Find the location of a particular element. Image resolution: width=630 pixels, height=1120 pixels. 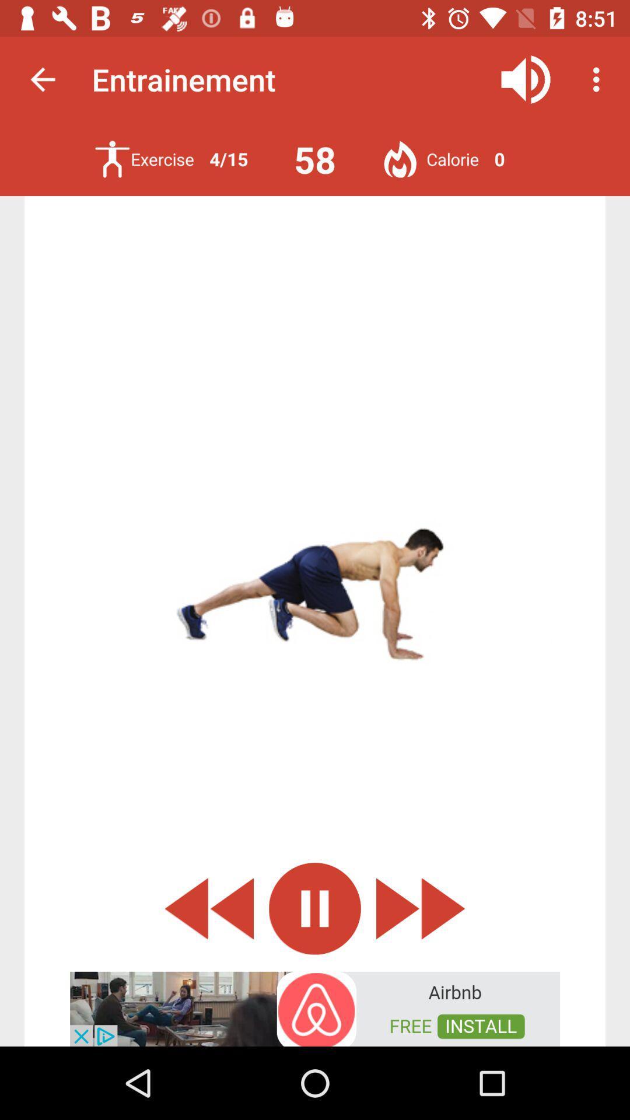

advertisement is located at coordinates (315, 1007).